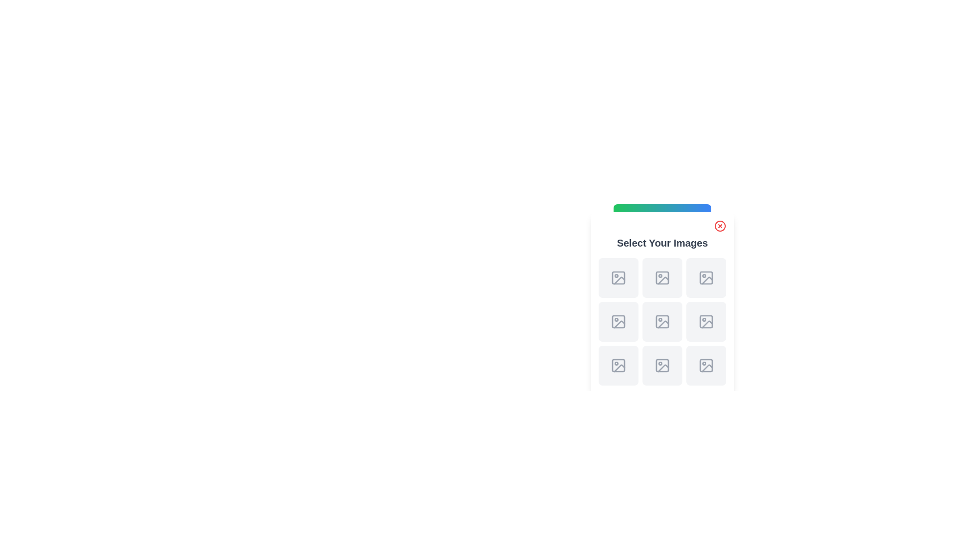 This screenshot has width=957, height=538. What do you see at coordinates (618, 321) in the screenshot?
I see `the square icon button located` at bounding box center [618, 321].